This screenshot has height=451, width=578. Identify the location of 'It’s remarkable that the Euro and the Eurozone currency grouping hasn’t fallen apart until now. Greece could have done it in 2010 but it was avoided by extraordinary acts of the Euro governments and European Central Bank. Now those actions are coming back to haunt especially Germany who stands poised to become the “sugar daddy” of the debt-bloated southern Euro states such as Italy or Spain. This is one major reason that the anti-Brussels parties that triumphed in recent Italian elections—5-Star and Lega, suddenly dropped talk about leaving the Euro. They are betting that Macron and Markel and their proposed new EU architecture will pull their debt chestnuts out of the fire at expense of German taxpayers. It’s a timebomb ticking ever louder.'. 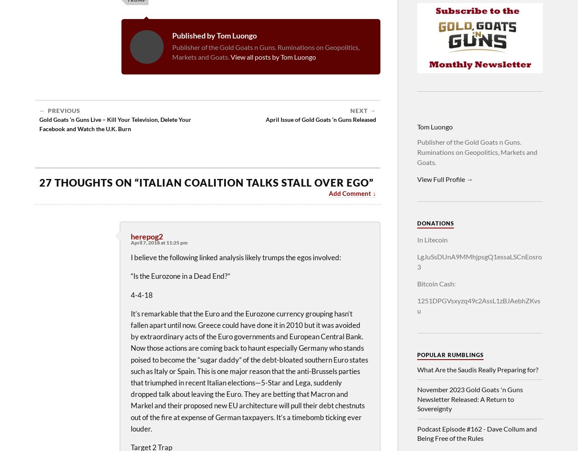
(249, 371).